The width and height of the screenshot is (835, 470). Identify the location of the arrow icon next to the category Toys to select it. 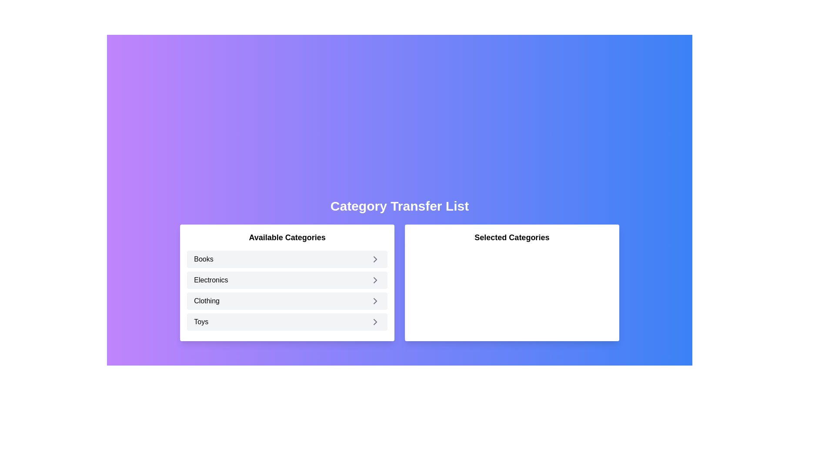
(375, 322).